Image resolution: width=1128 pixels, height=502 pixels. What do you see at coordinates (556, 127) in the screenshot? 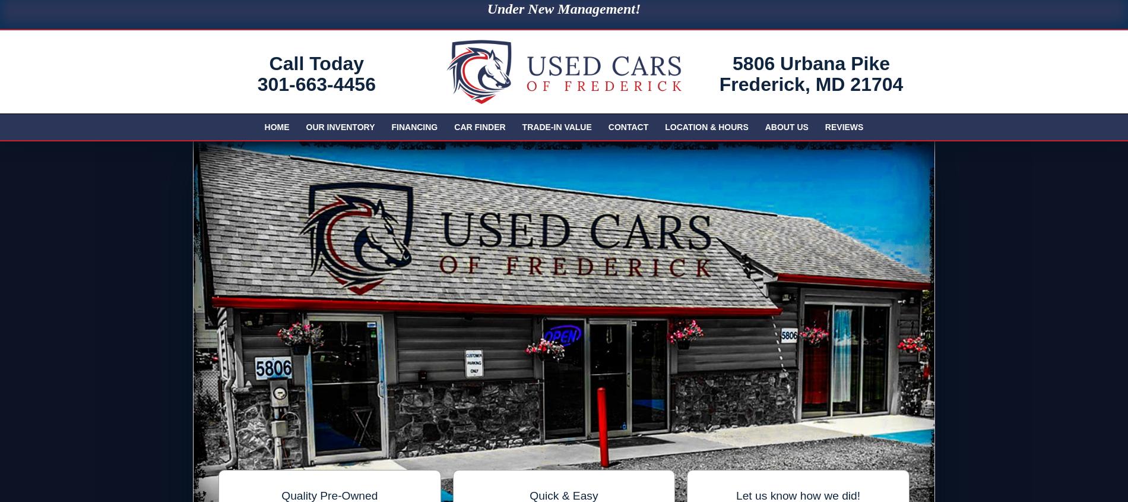
I see `'Trade-In Value'` at bounding box center [556, 127].